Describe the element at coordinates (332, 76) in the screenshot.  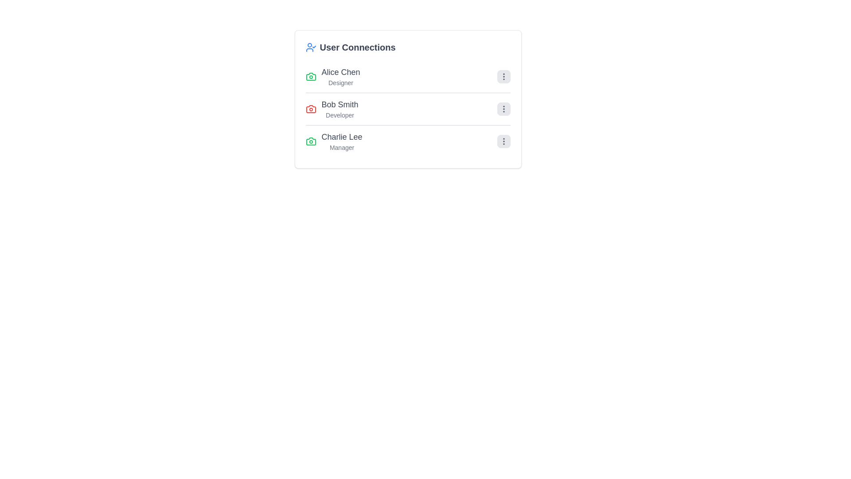
I see `the List item displaying 'Alice Chen' with a green camera icon, located in the top-left section of the User Connections area` at that location.